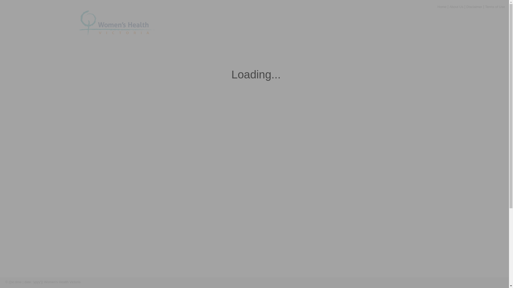  I want to click on 'Terms of Use', so click(111, 282).